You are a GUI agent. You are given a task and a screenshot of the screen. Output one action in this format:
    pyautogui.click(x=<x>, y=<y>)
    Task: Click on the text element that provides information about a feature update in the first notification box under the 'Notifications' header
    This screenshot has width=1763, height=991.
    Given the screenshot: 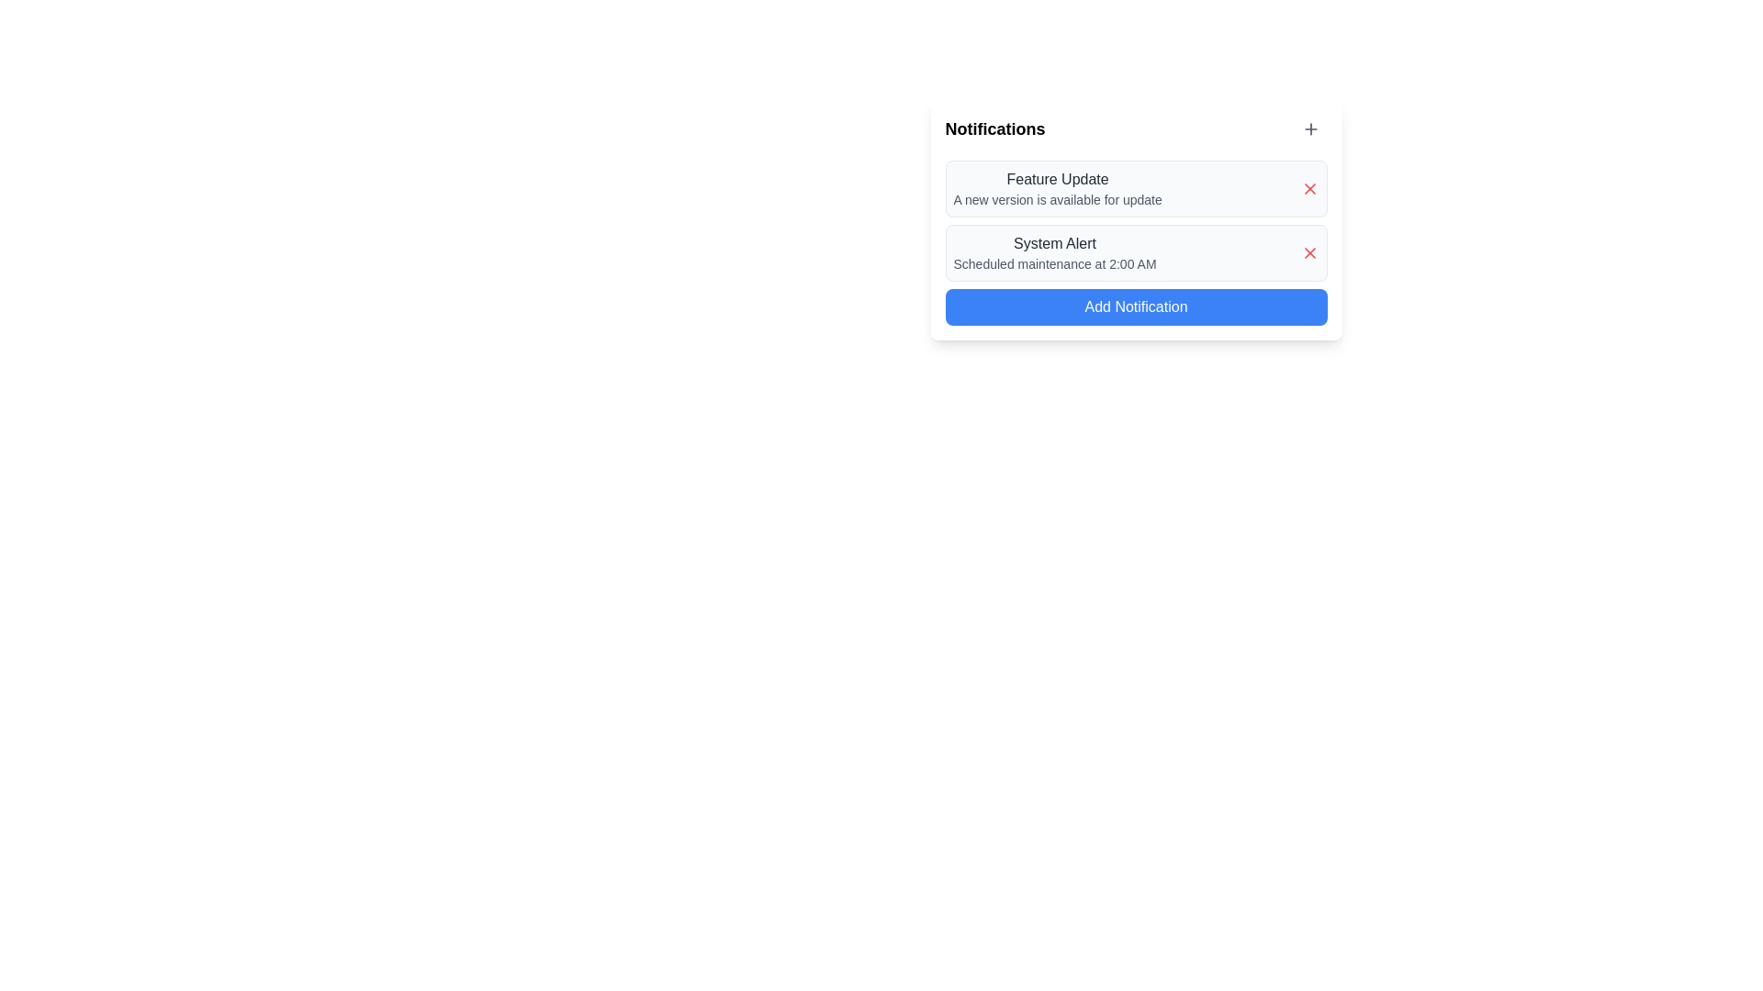 What is the action you would take?
    pyautogui.click(x=1058, y=188)
    